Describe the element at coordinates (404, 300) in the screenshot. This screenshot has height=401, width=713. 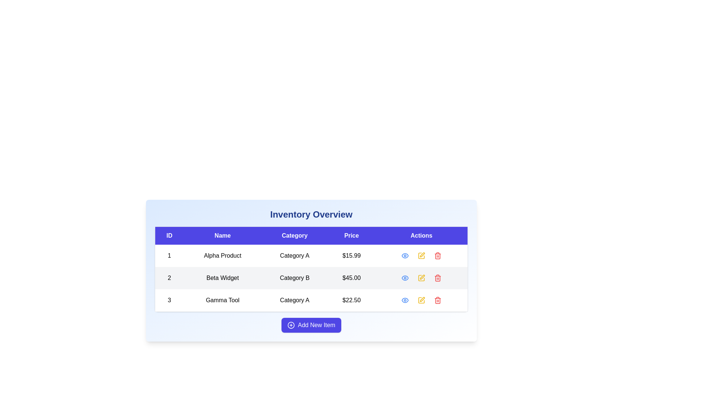
I see `the leftmost 'view' icon in the 'Actions' column of the third row related to the 'Gamma Tool'` at that location.